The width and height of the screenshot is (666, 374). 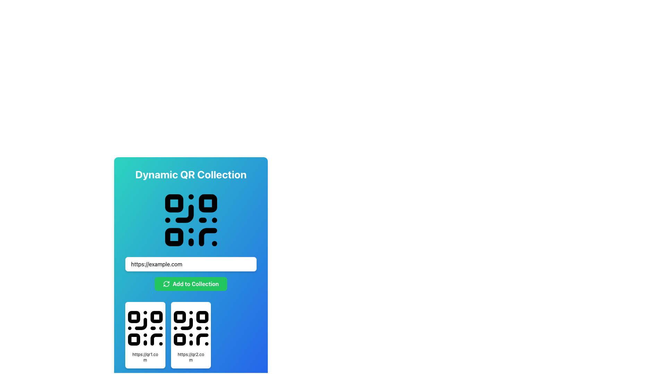 What do you see at coordinates (191, 335) in the screenshot?
I see `the white card with rounded corners and a black QR code icon, which contains the text 'https://qr2.com', located in the bottom right area of the layout` at bounding box center [191, 335].